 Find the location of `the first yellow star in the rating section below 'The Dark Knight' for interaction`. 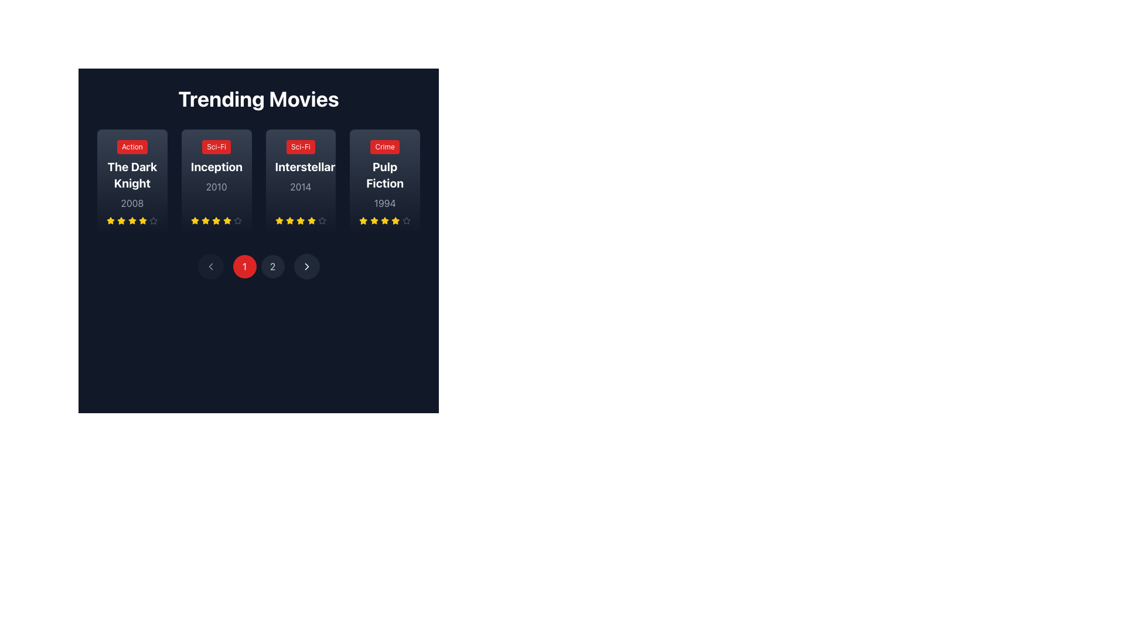

the first yellow star in the rating section below 'The Dark Knight' for interaction is located at coordinates (132, 220).